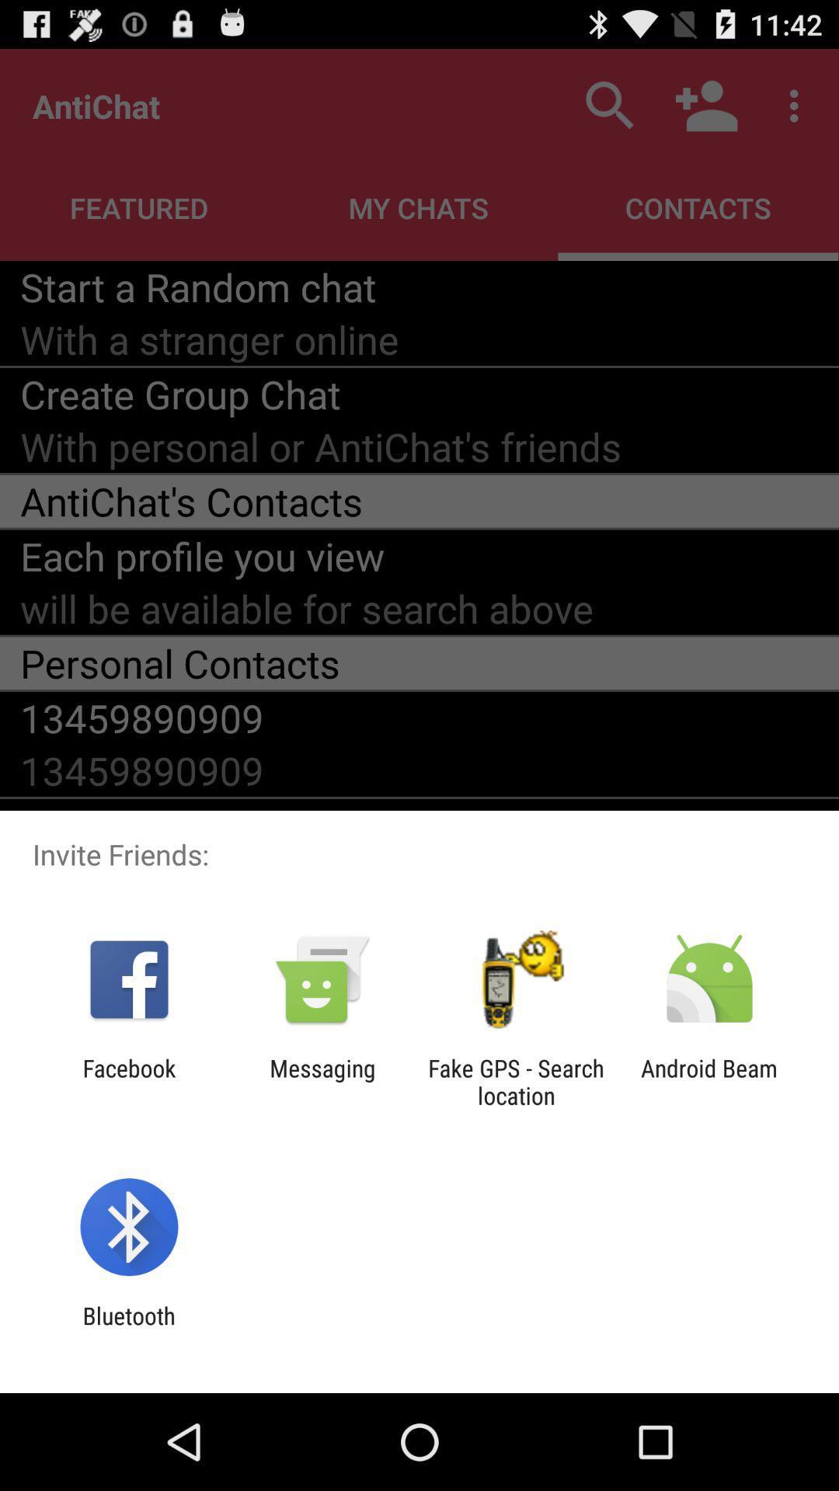  What do you see at coordinates (128, 1081) in the screenshot?
I see `facebook` at bounding box center [128, 1081].